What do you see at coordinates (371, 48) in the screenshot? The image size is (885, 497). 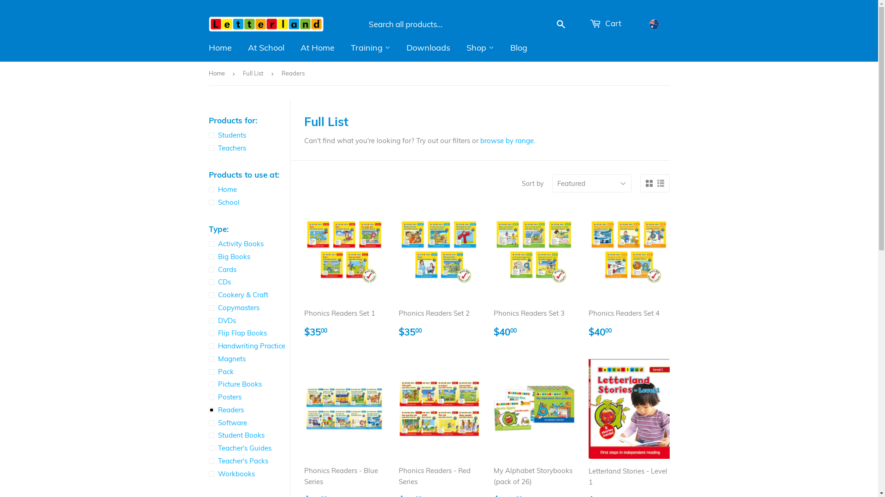 I see `'Training'` at bounding box center [371, 48].